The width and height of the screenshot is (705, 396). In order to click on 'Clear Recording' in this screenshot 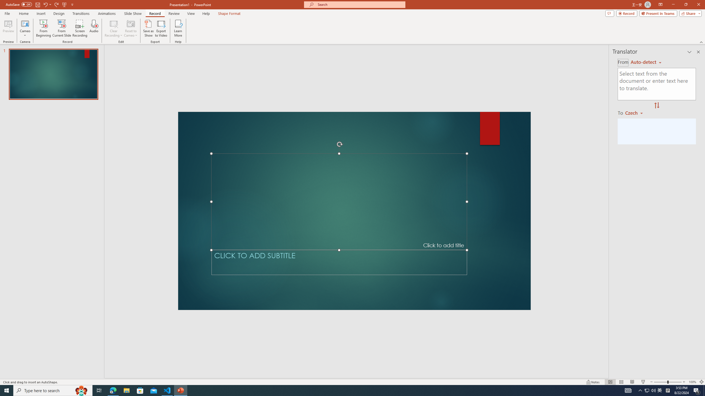, I will do `click(113, 28)`.